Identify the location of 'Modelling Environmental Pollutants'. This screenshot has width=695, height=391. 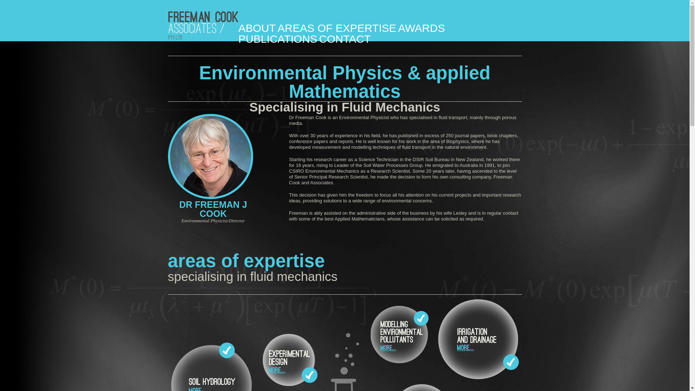
(370, 335).